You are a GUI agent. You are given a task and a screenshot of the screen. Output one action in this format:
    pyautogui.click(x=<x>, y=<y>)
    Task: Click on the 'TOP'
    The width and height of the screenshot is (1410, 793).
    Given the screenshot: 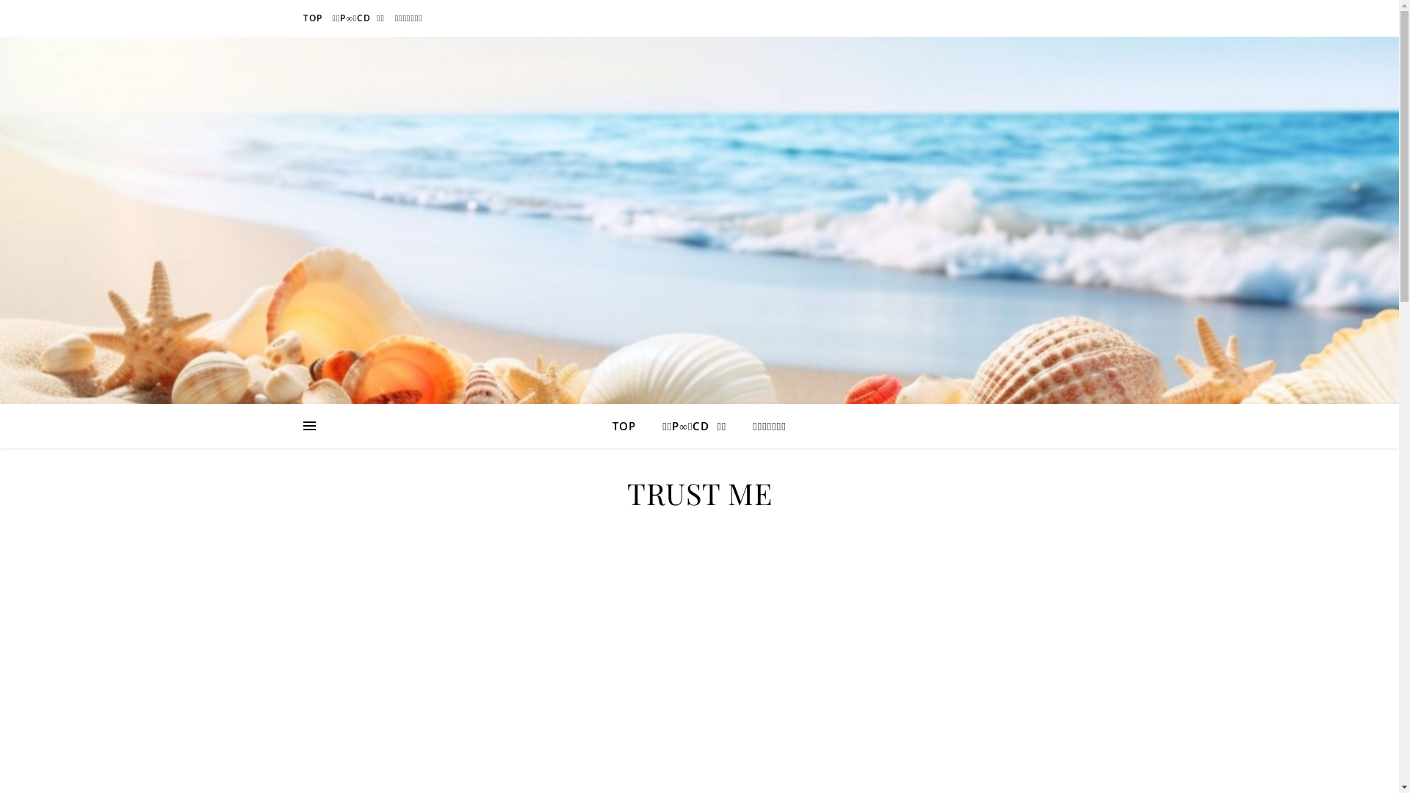 What is the action you would take?
    pyautogui.click(x=612, y=425)
    